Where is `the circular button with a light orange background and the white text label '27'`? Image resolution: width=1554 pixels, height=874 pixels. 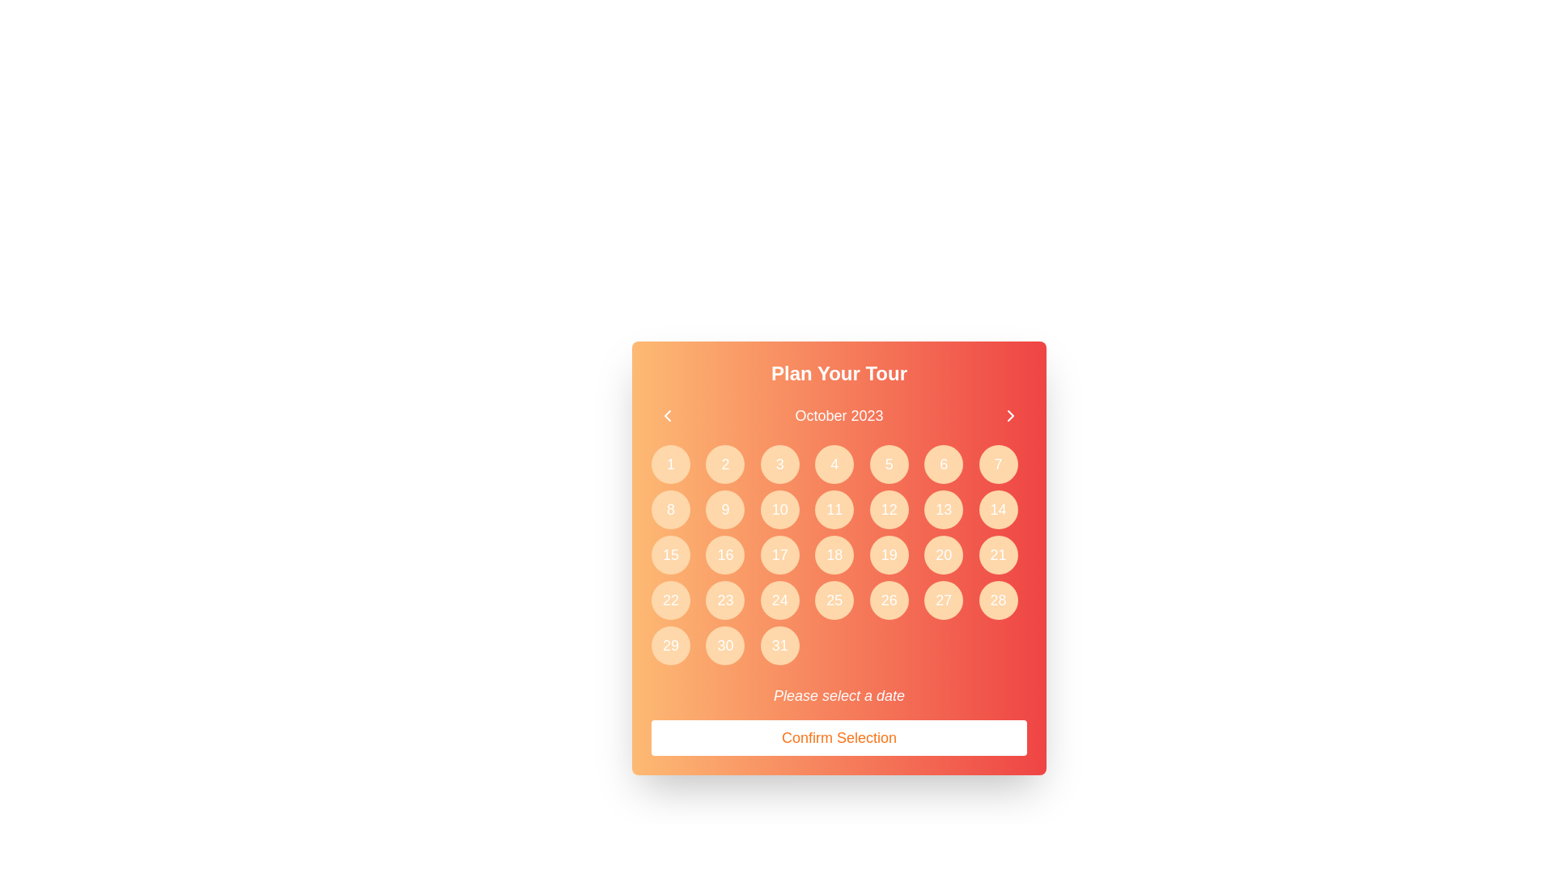
the circular button with a light orange background and the white text label '27' is located at coordinates (944, 600).